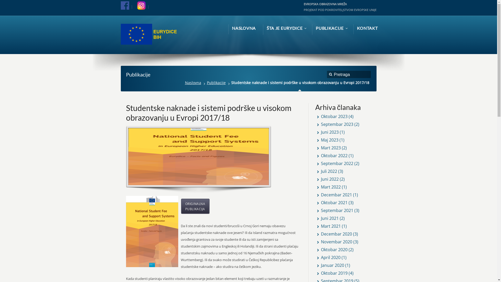 This screenshot has height=282, width=501. I want to click on 'Juni 2023', so click(329, 132).